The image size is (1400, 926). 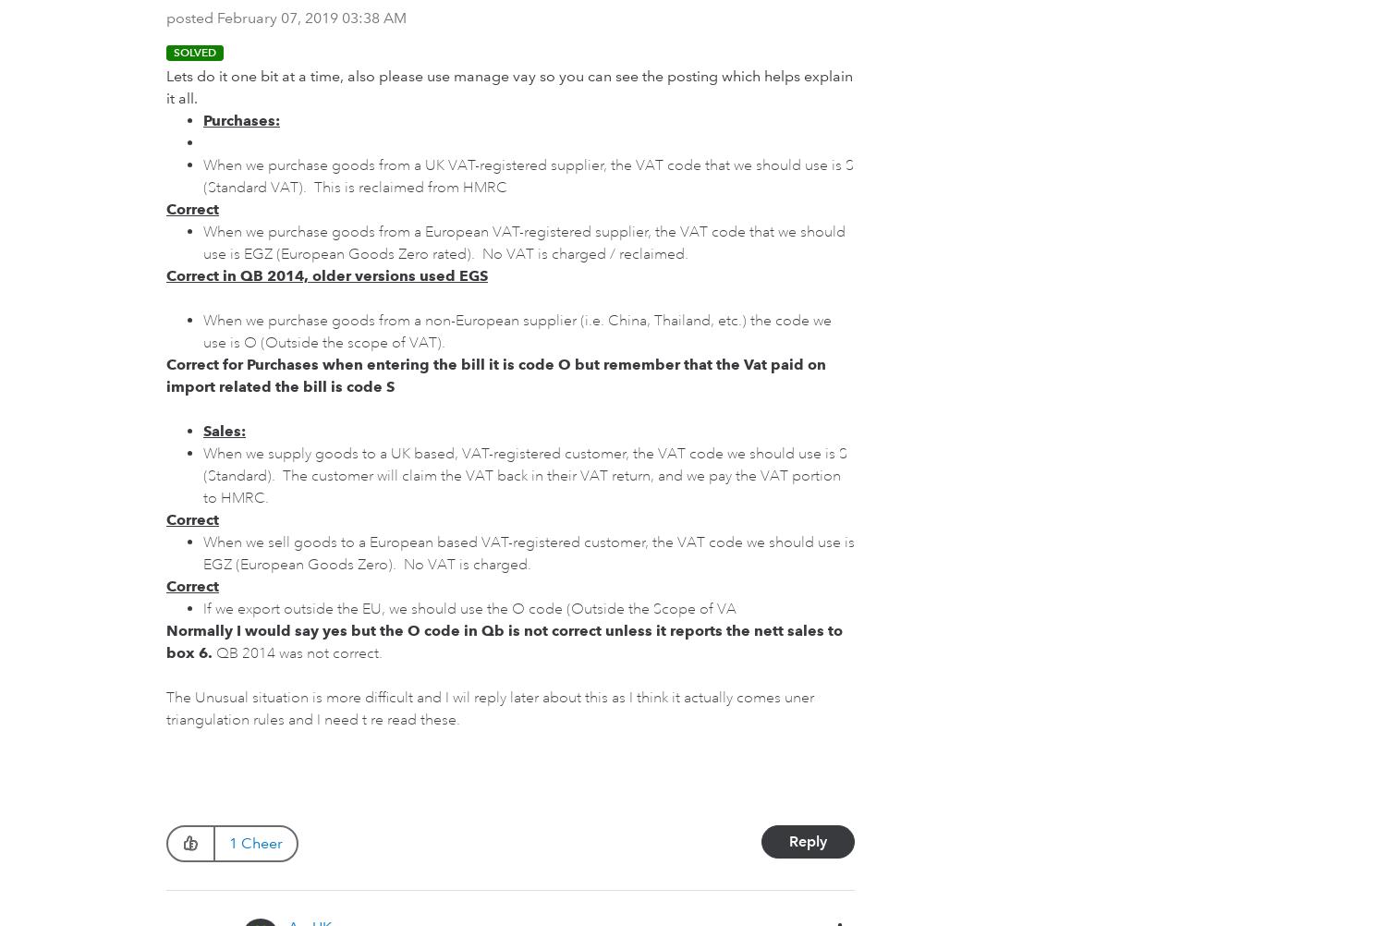 I want to click on 'QB 2014 was not correct.', so click(x=297, y=653).